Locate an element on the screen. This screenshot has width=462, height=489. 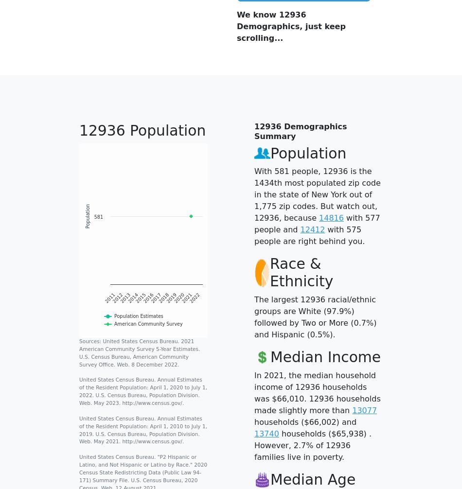
'FAQ' is located at coordinates (68, 427).